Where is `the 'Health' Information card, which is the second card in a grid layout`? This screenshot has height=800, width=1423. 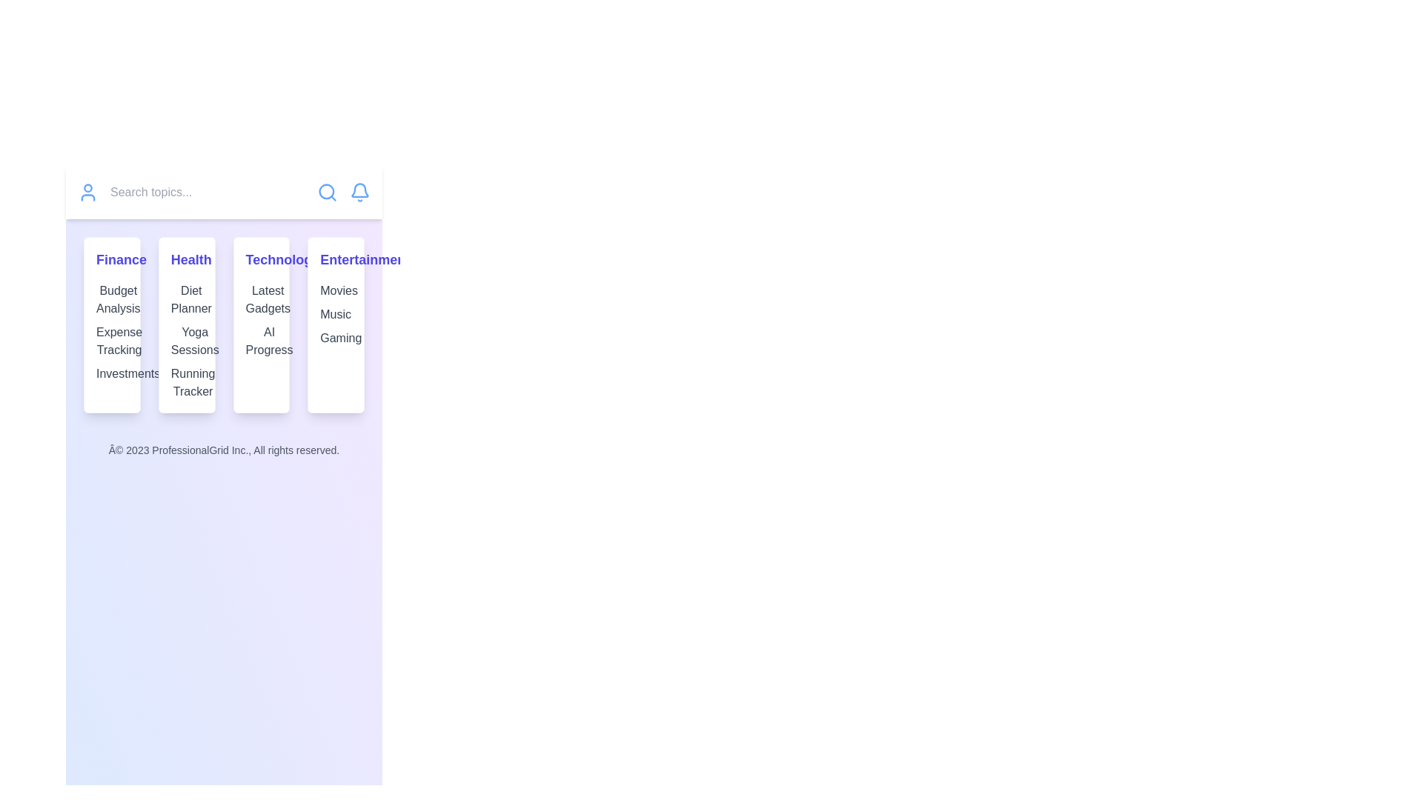 the 'Health' Information card, which is the second card in a grid layout is located at coordinates (186, 324).